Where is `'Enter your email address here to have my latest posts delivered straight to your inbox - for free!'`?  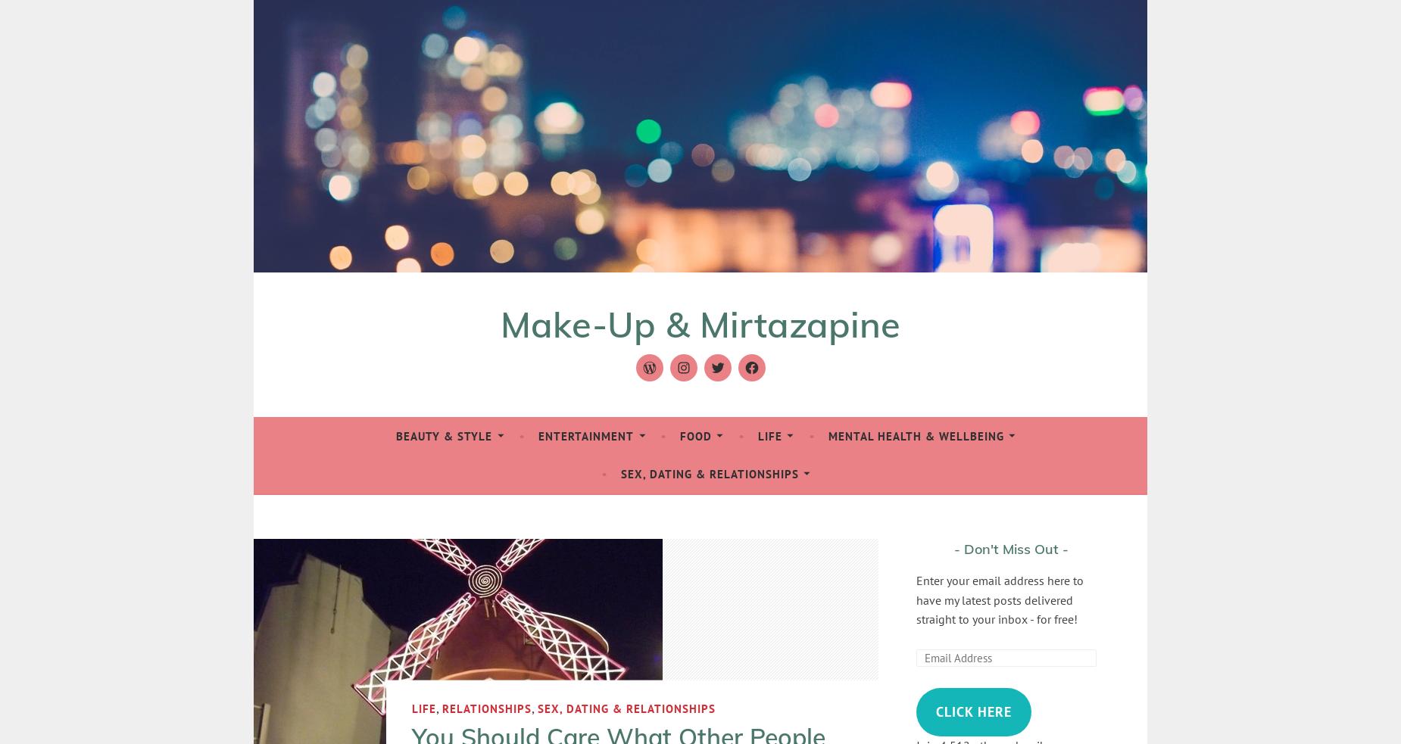
'Enter your email address here to have my latest posts delivered straight to your inbox - for free!' is located at coordinates (999, 599).